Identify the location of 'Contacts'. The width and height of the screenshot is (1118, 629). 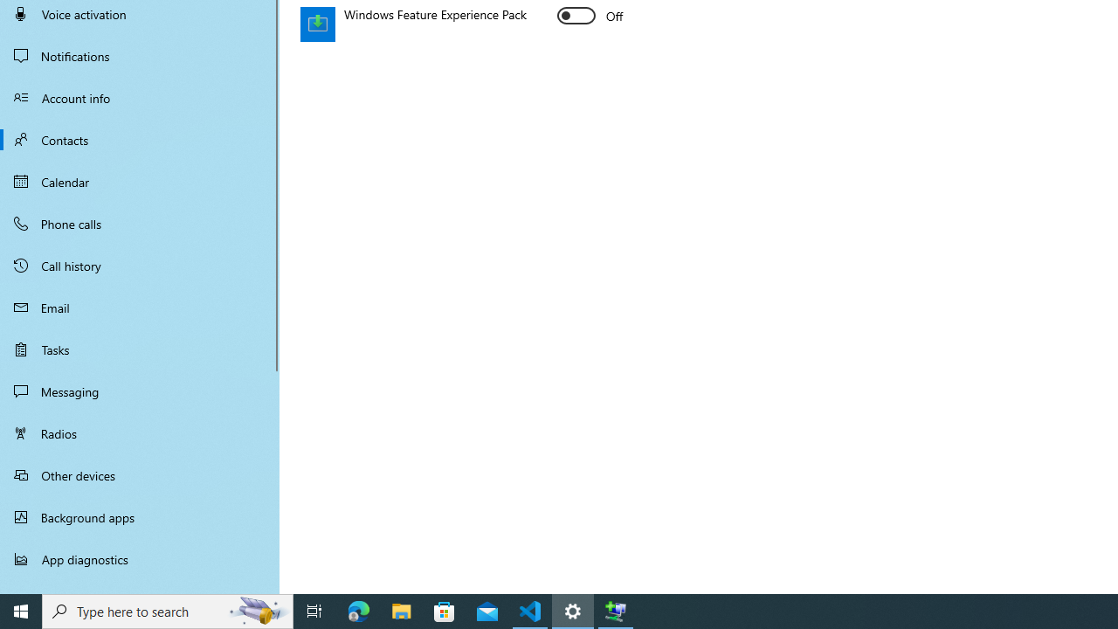
(140, 139).